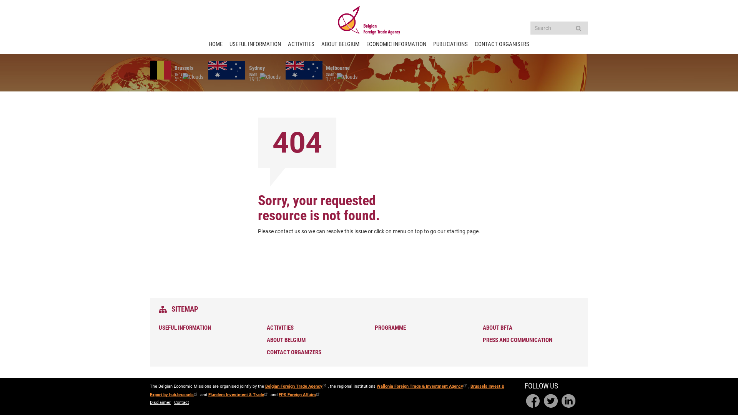  I want to click on 'CONTACT ORGANISERS', so click(502, 44).